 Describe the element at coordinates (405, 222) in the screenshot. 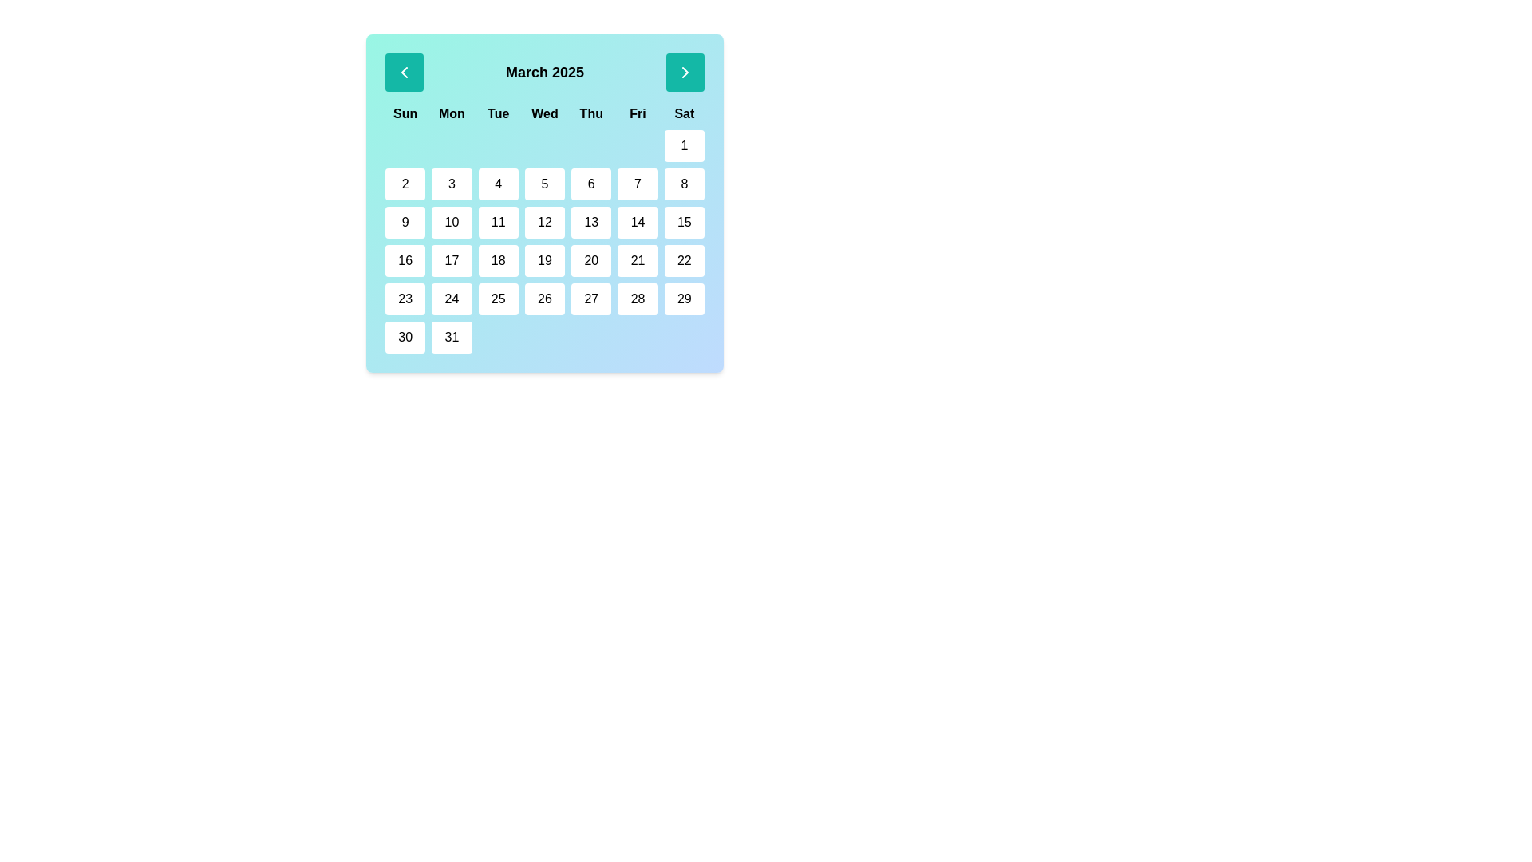

I see `the square-shaped button displaying the number '9' in a calendar interface` at that location.